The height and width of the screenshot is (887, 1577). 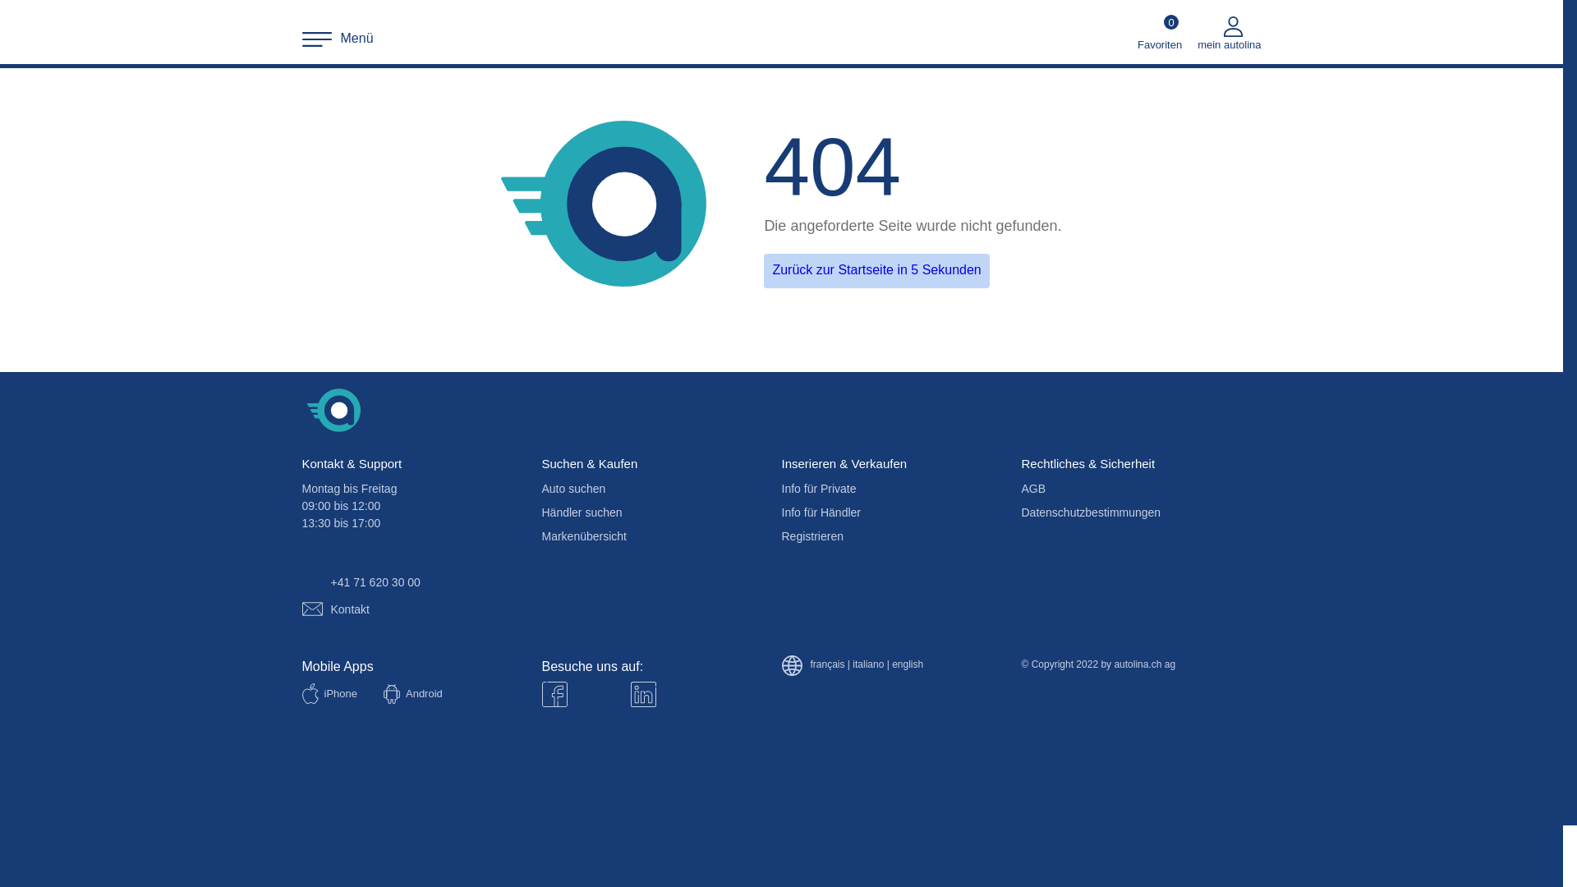 What do you see at coordinates (1158, 32) in the screenshot?
I see `'0` at bounding box center [1158, 32].